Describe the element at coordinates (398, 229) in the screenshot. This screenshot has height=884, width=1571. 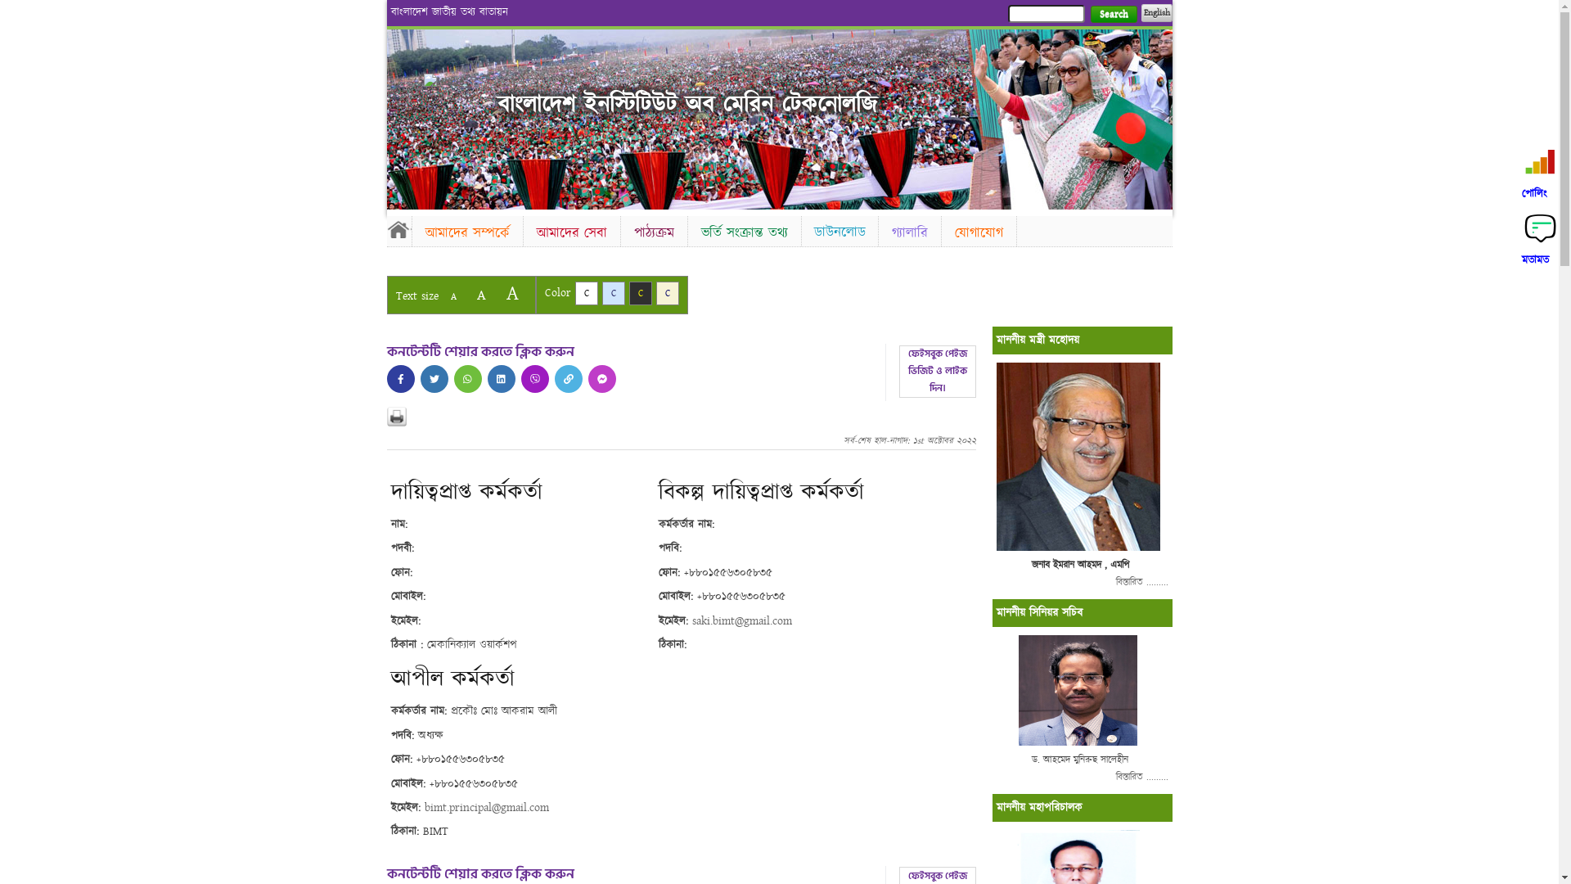
I see `'Home'` at that location.